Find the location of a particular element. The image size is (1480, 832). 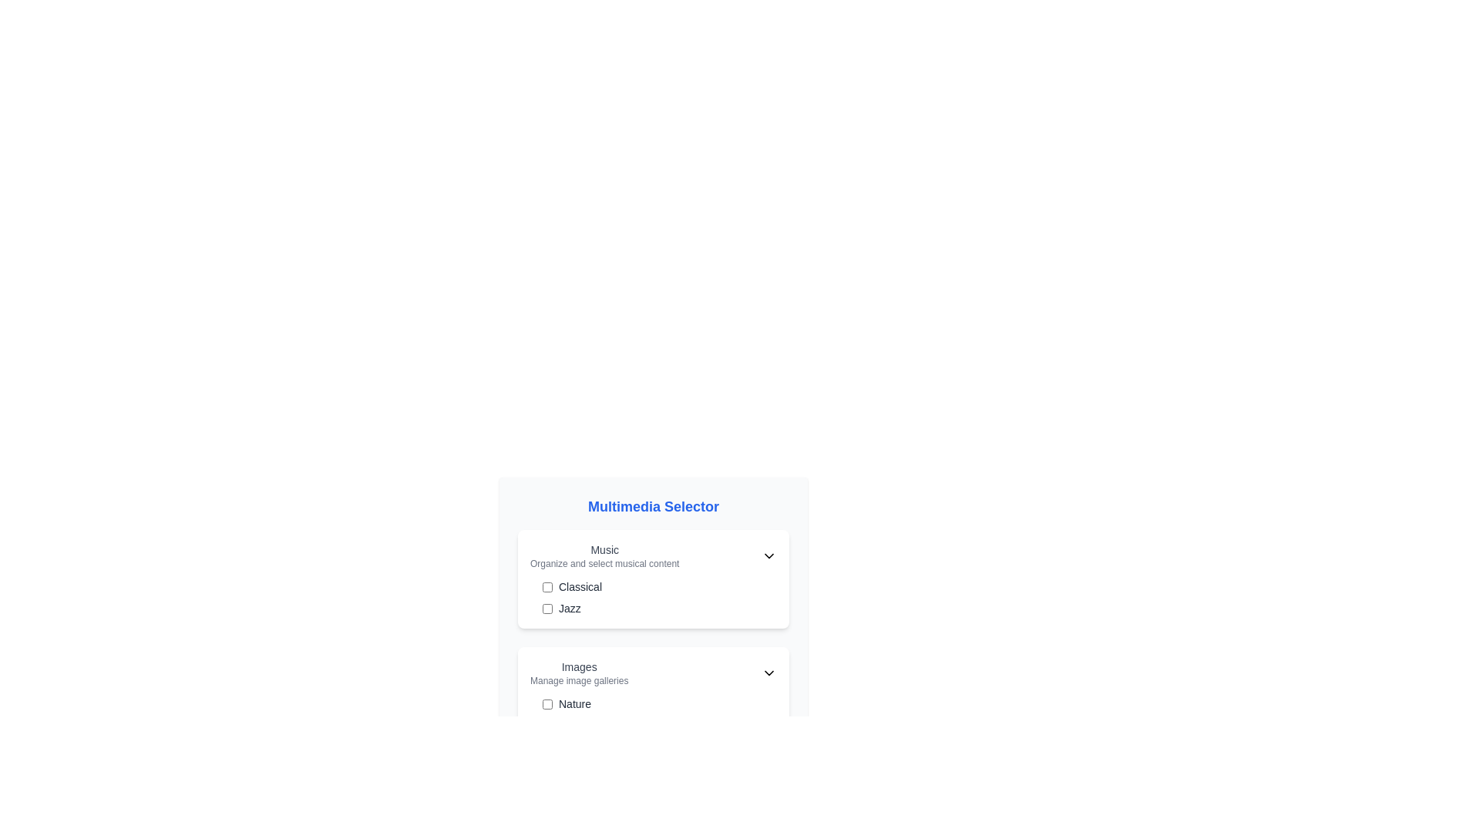

the Chevron-down icon located at the rightmost side of the 'Music' section is located at coordinates (769, 555).